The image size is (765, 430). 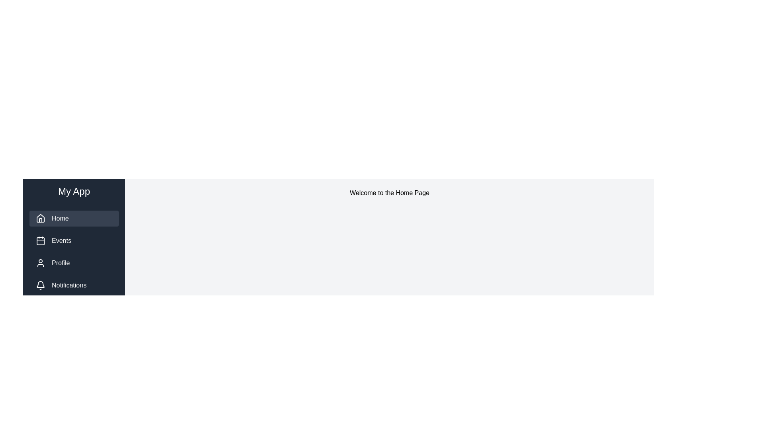 What do you see at coordinates (74, 252) in the screenshot?
I see `the 'Home' section of the vertical navigation menu` at bounding box center [74, 252].